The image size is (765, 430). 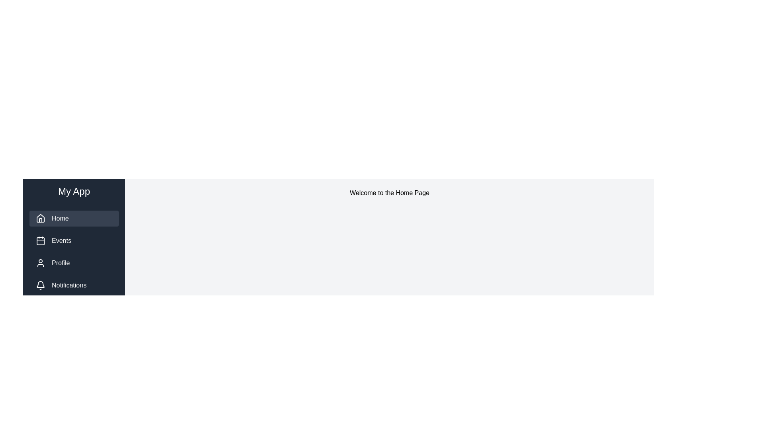 What do you see at coordinates (74, 252) in the screenshot?
I see `the 'Home' section of the vertical navigation menu` at bounding box center [74, 252].